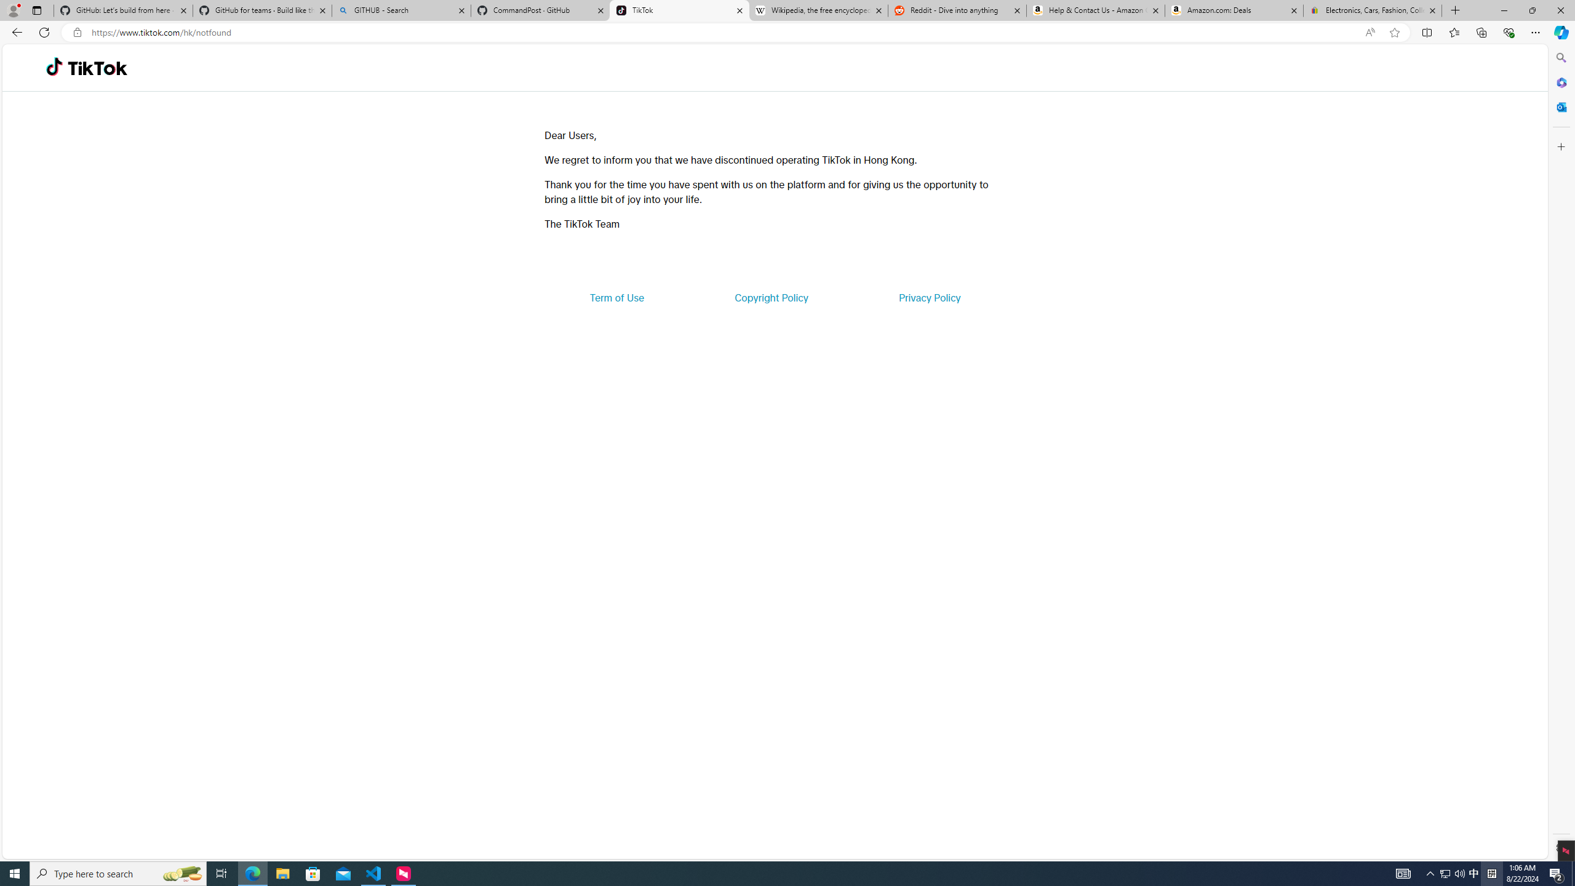  Describe the element at coordinates (43, 31) in the screenshot. I see `'Refresh'` at that location.